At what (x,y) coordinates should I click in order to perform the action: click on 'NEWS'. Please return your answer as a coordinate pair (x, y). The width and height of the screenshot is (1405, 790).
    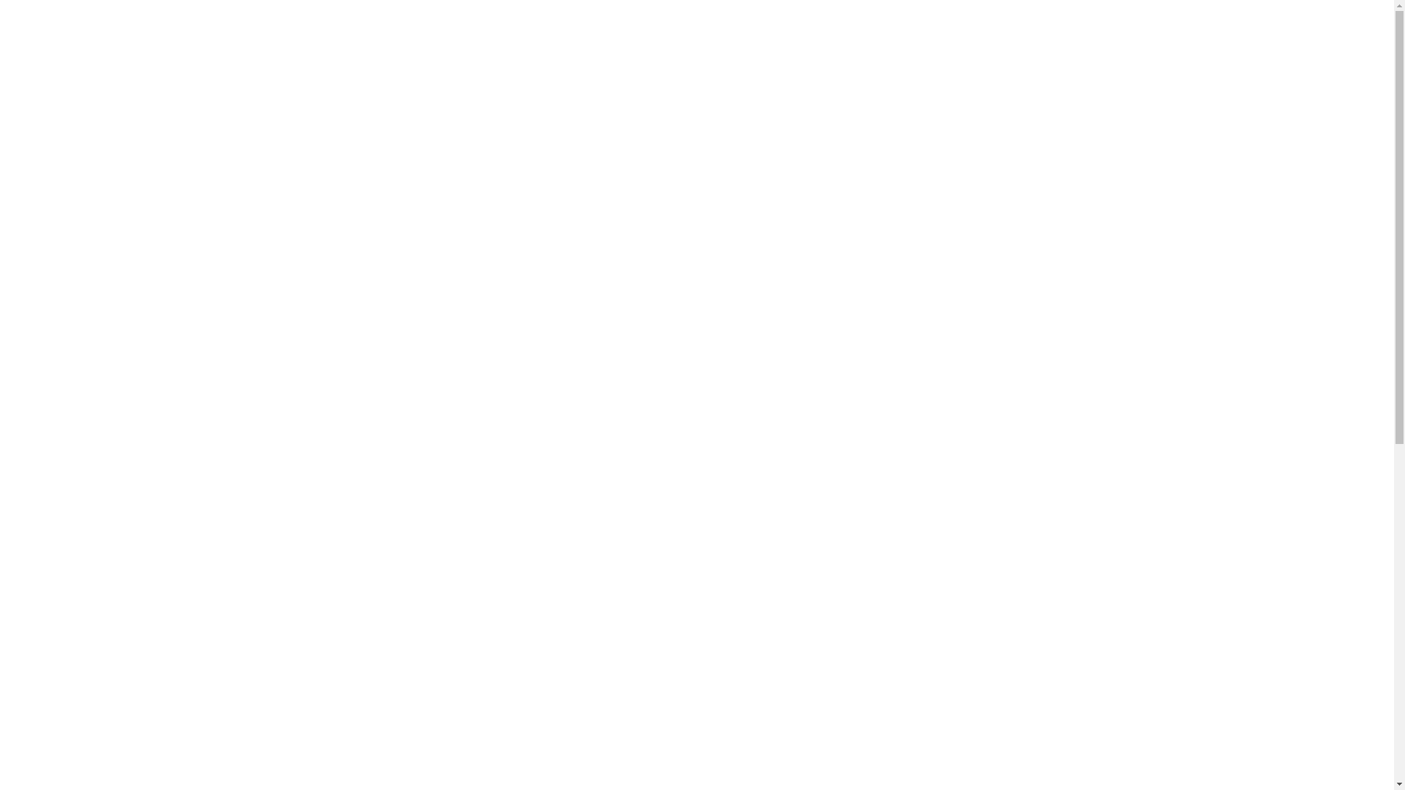
    Looking at the image, I should click on (683, 87).